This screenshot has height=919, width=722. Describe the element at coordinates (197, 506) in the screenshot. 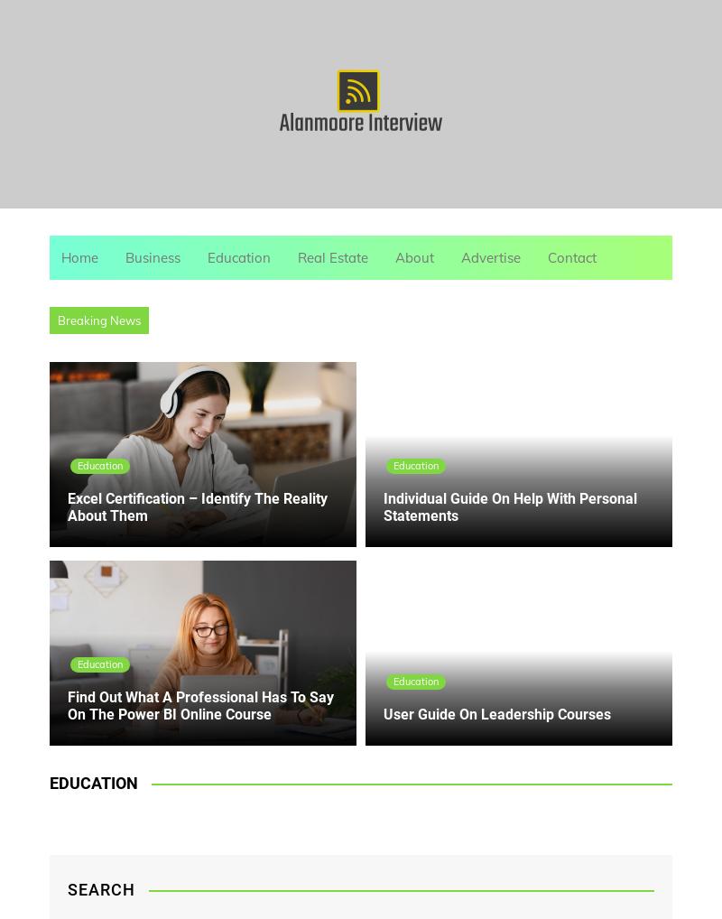

I see `'Excel Certification – Identify The Reality About Them'` at that location.